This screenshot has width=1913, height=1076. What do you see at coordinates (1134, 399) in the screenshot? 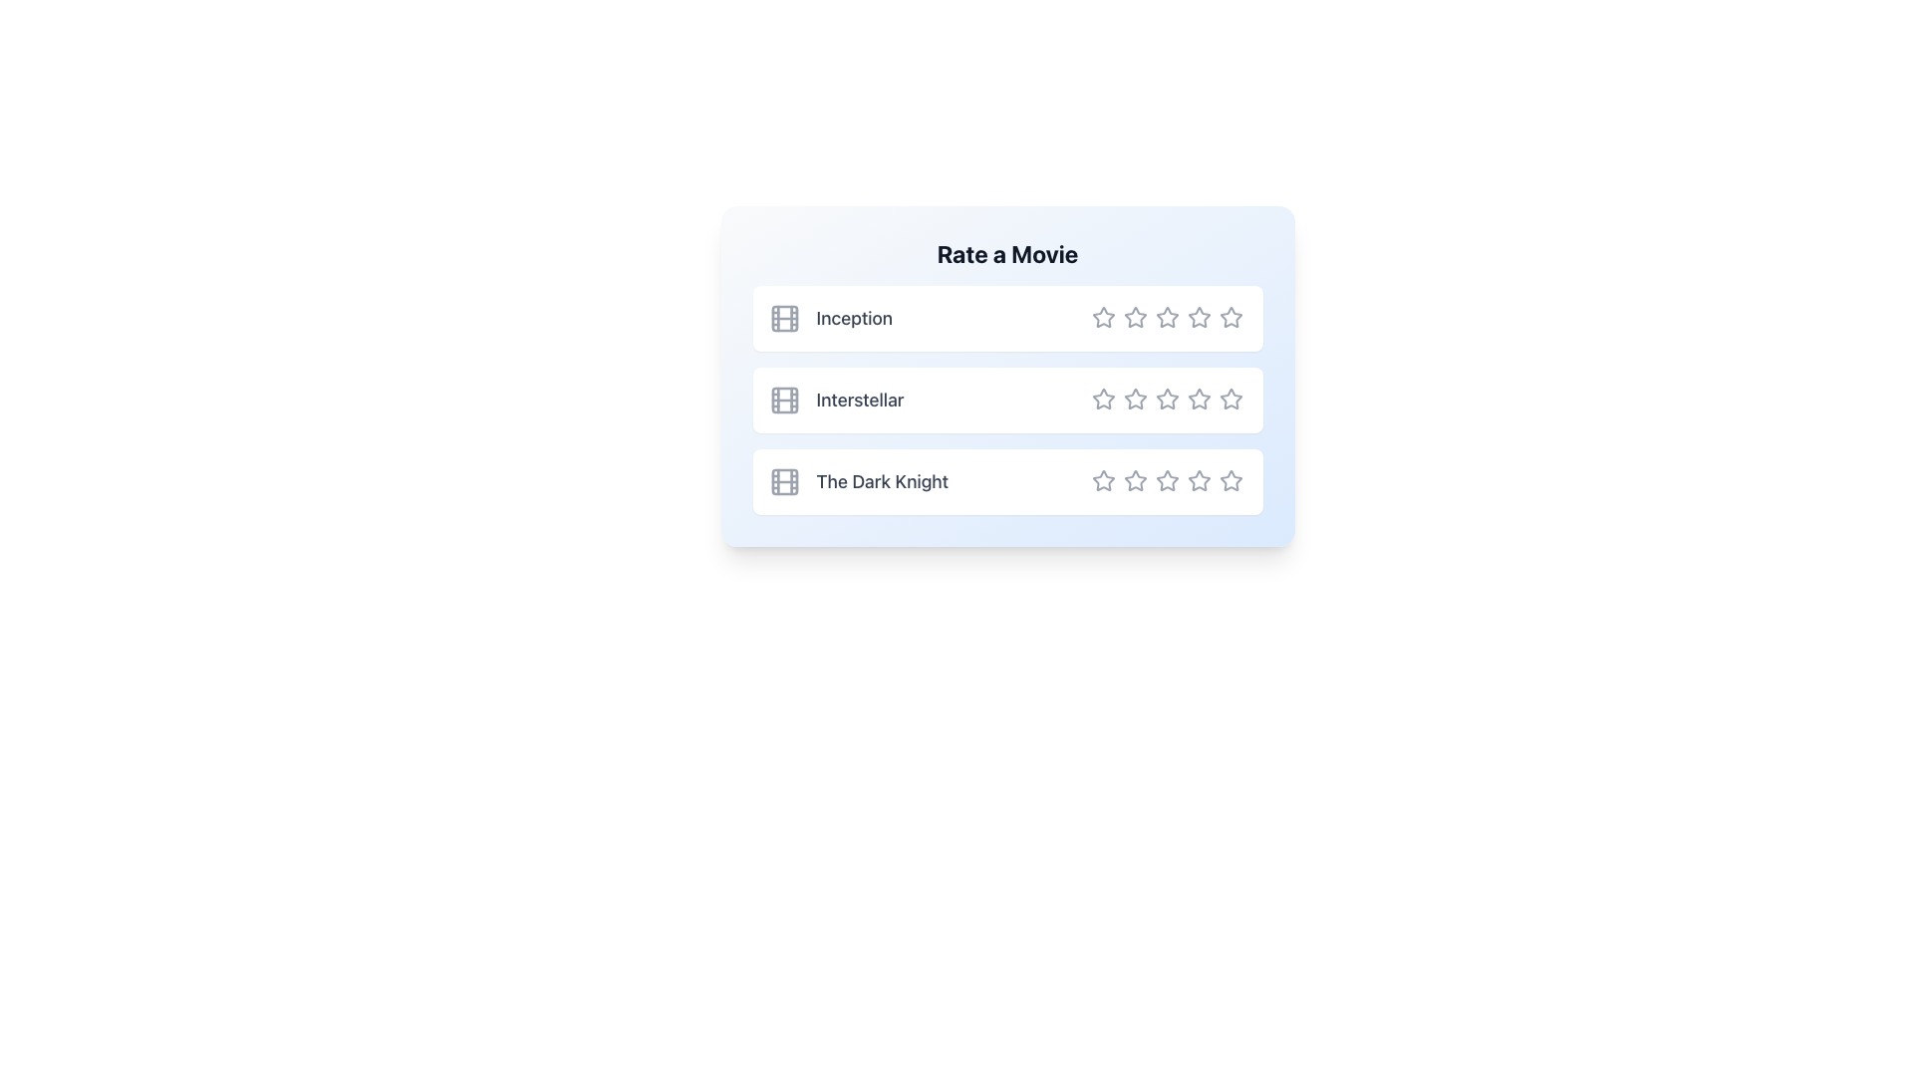
I see `the third star icon in the 'Rate a Movie' interface under the 'Interstellar' section to rate the movie` at bounding box center [1134, 399].